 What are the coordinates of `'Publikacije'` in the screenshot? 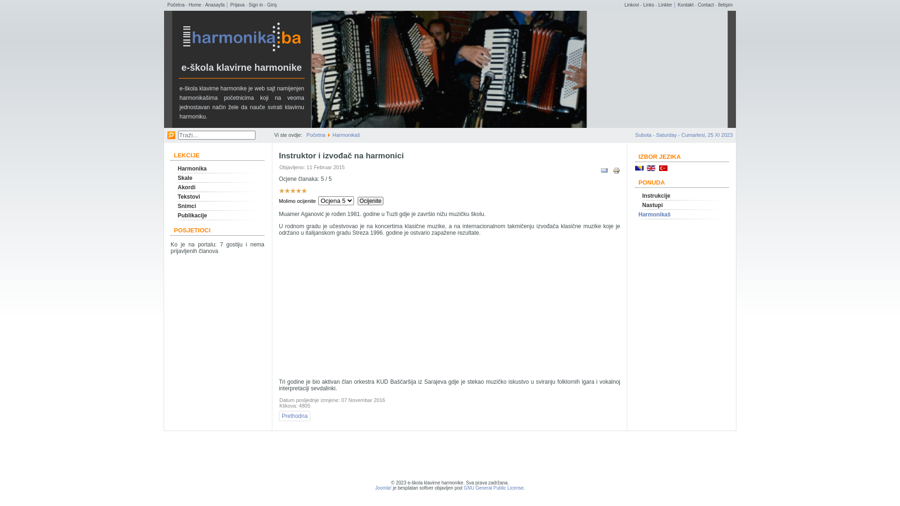 It's located at (217, 215).